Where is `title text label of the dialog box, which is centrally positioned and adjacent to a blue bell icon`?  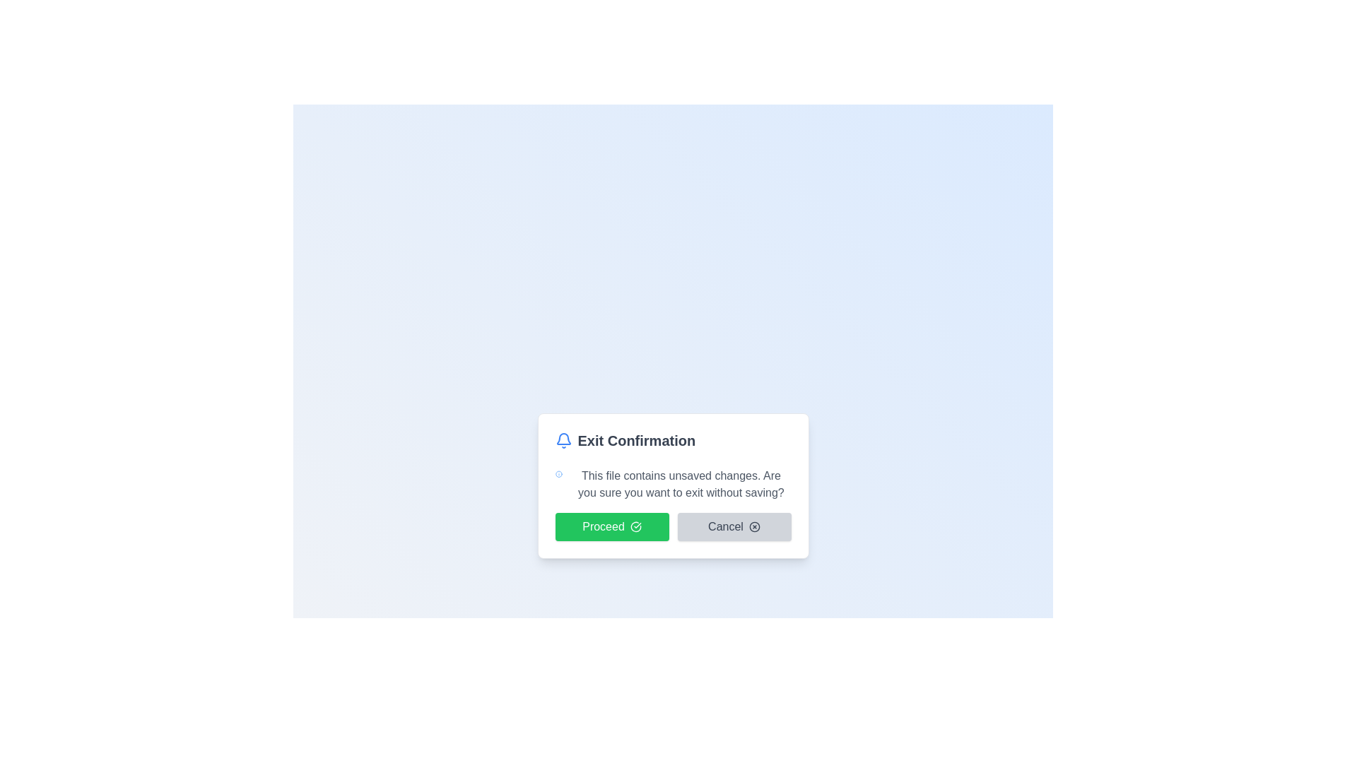
title text label of the dialog box, which is centrally positioned and adjacent to a blue bell icon is located at coordinates (635, 440).